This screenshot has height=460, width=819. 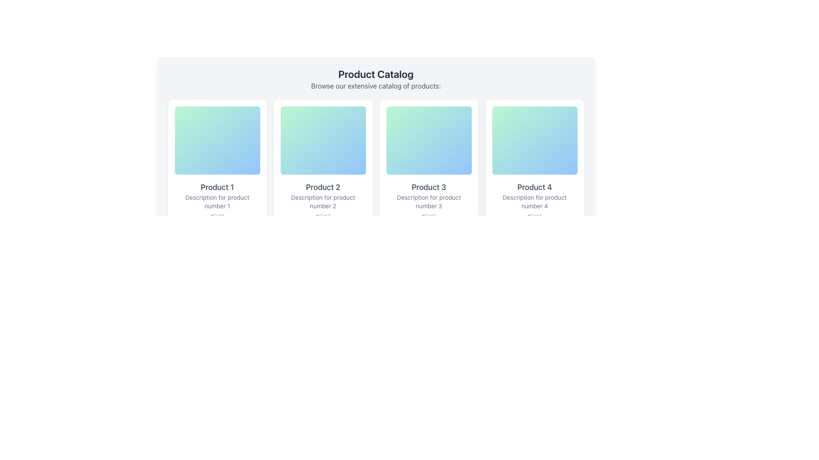 I want to click on text from the header section titled 'Product Catalog' which is prominently displayed in bold, large, dark-gray font, followed by a smaller description in lighter gray font, so click(x=375, y=79).